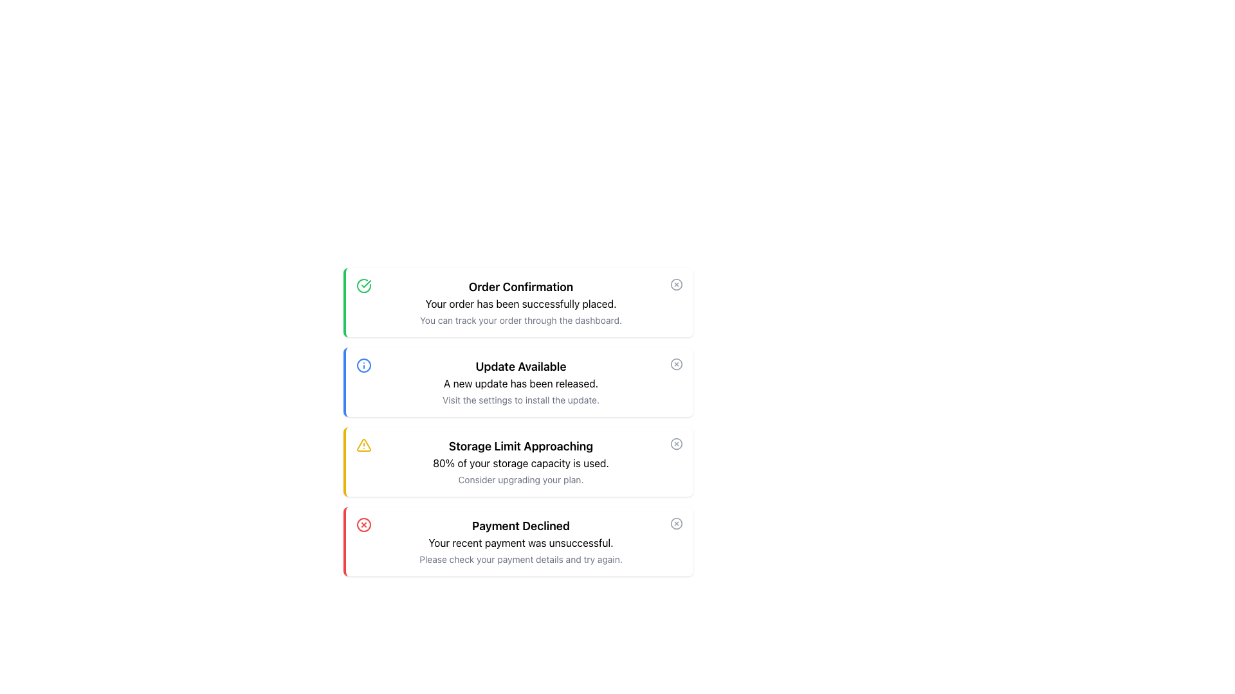  What do you see at coordinates (521, 383) in the screenshot?
I see `the text label that provides information about the availability of a new update, located in the second notification from the top within the 'Update Available' notification` at bounding box center [521, 383].